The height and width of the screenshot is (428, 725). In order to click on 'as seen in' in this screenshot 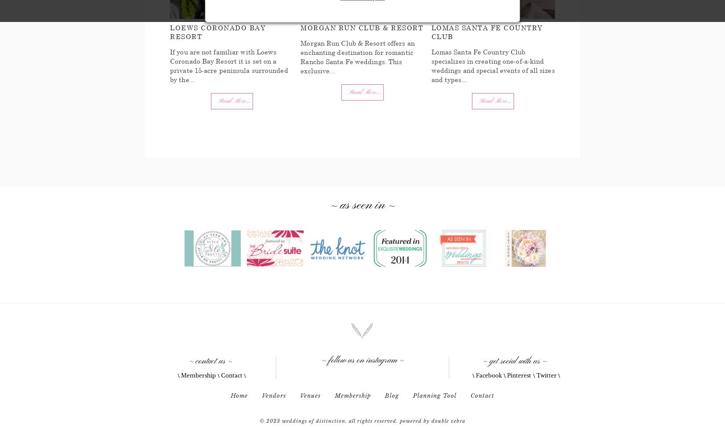, I will do `click(362, 205)`.